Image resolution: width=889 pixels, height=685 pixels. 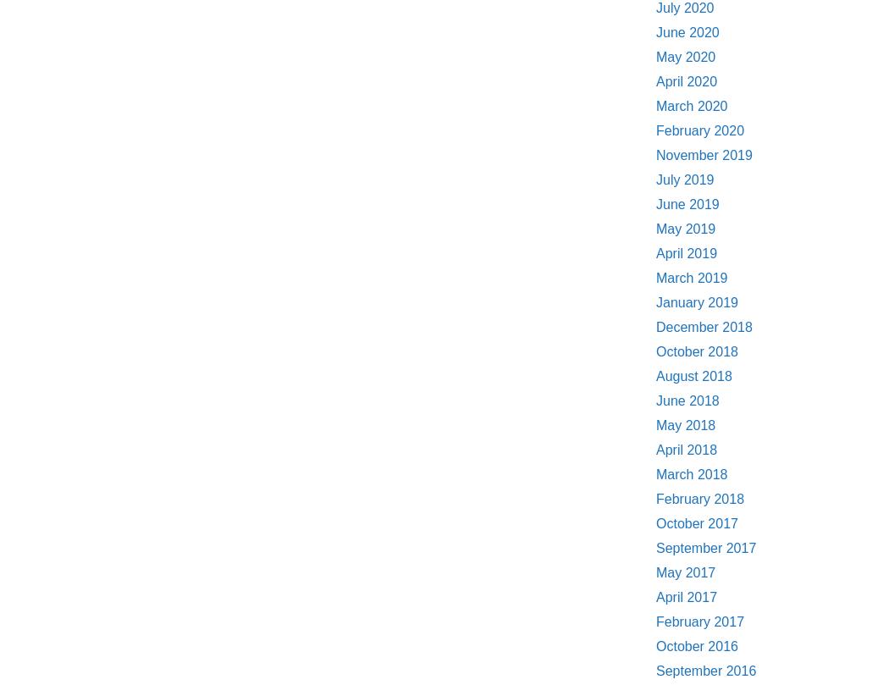 I want to click on 'January 2019', so click(x=695, y=302).